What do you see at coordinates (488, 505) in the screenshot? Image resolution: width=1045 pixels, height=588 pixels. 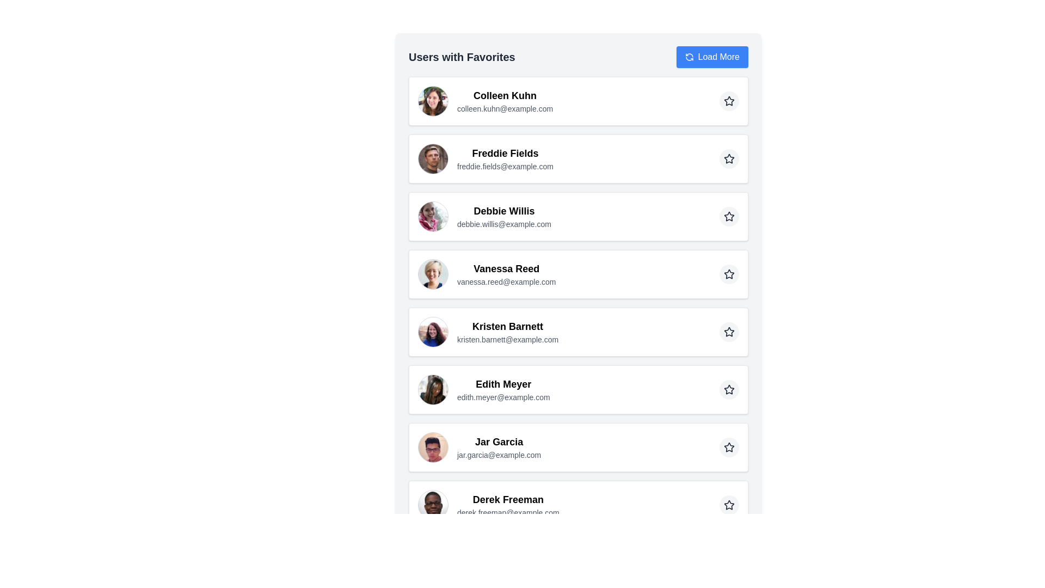 I see `the User information card that displays the user's details, specifically their name and email address, located below 'Jar Garcia' in a vertical list of user elements` at bounding box center [488, 505].